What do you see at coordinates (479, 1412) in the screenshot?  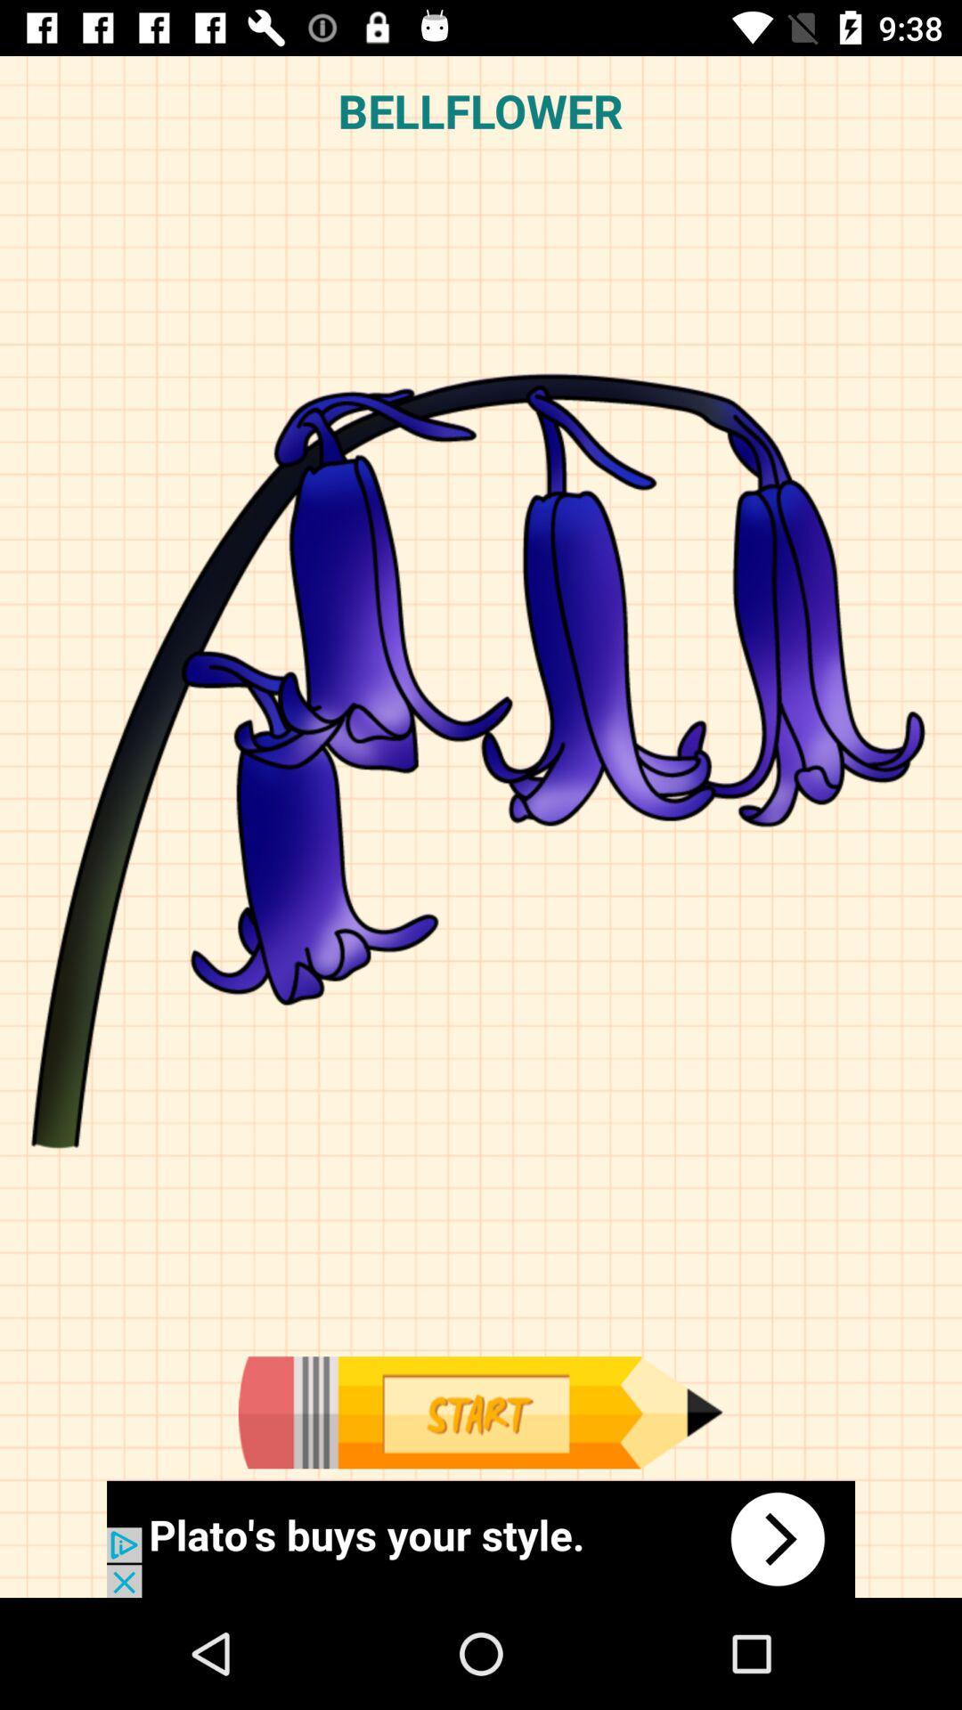 I see `start pencil icon button` at bounding box center [479, 1412].